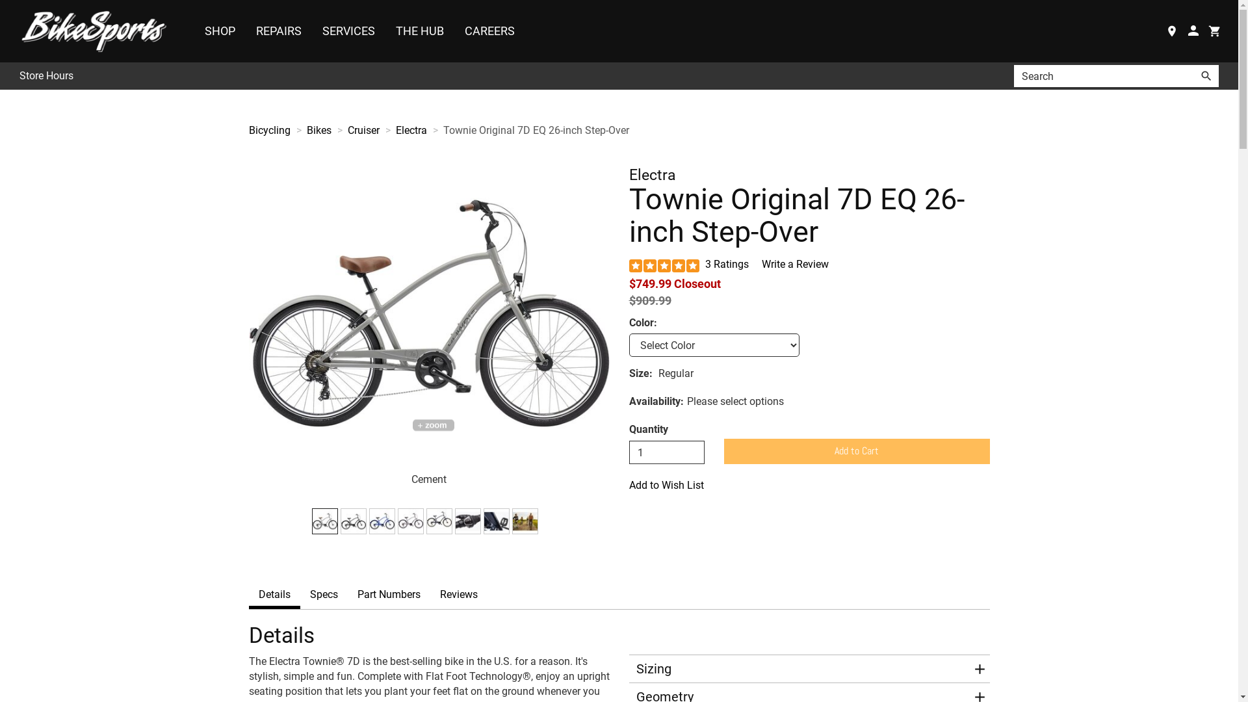  What do you see at coordinates (382, 521) in the screenshot?
I see `'Color: Hyper Blue'` at bounding box center [382, 521].